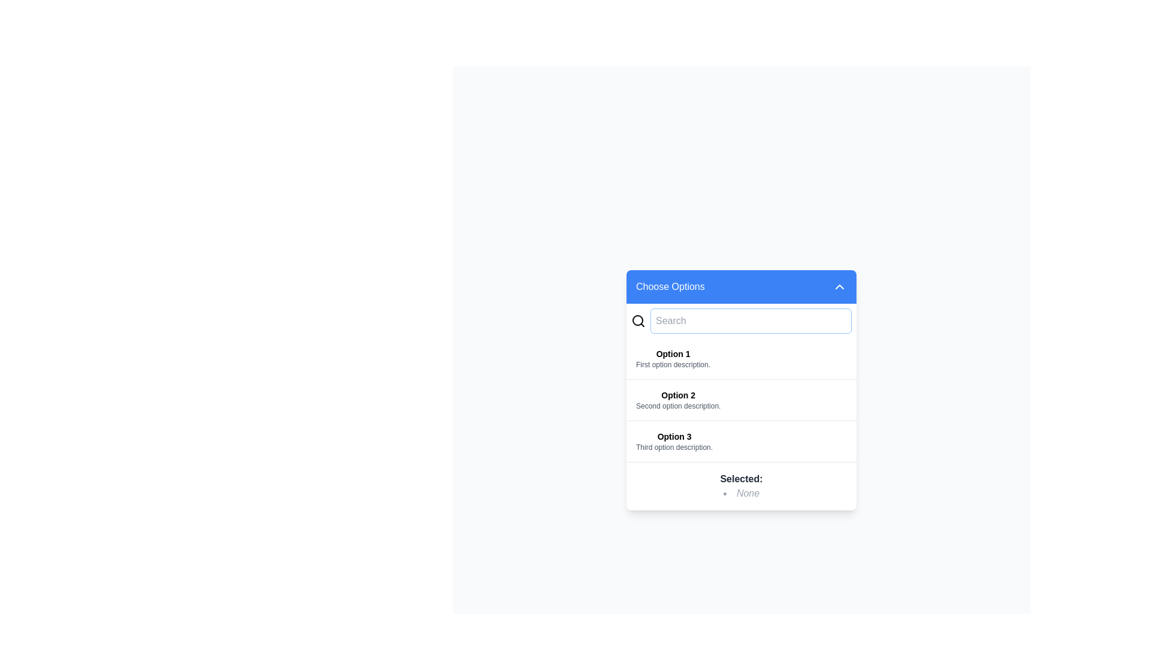 Image resolution: width=1150 pixels, height=647 pixels. I want to click on the second selectable list item titled 'Option 2' which has a description 'Second option description', so click(741, 400).